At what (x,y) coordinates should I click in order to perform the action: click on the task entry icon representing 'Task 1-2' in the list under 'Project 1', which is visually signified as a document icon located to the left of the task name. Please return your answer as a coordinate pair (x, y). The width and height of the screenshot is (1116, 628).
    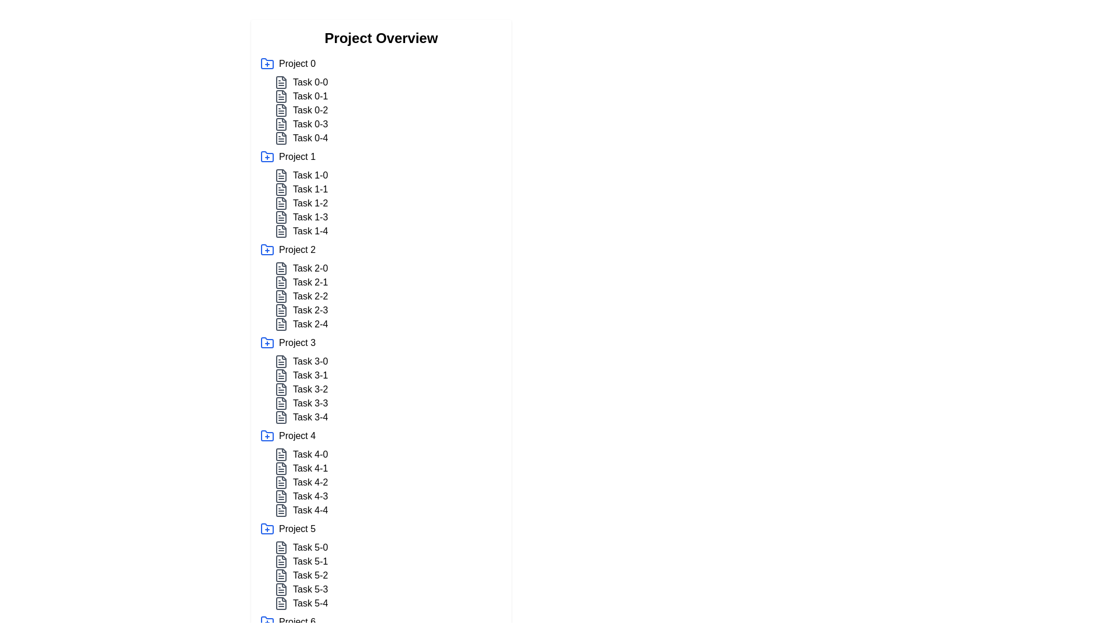
    Looking at the image, I should click on (281, 203).